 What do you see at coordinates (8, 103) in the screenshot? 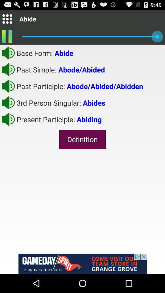
I see `the volume option` at bounding box center [8, 103].